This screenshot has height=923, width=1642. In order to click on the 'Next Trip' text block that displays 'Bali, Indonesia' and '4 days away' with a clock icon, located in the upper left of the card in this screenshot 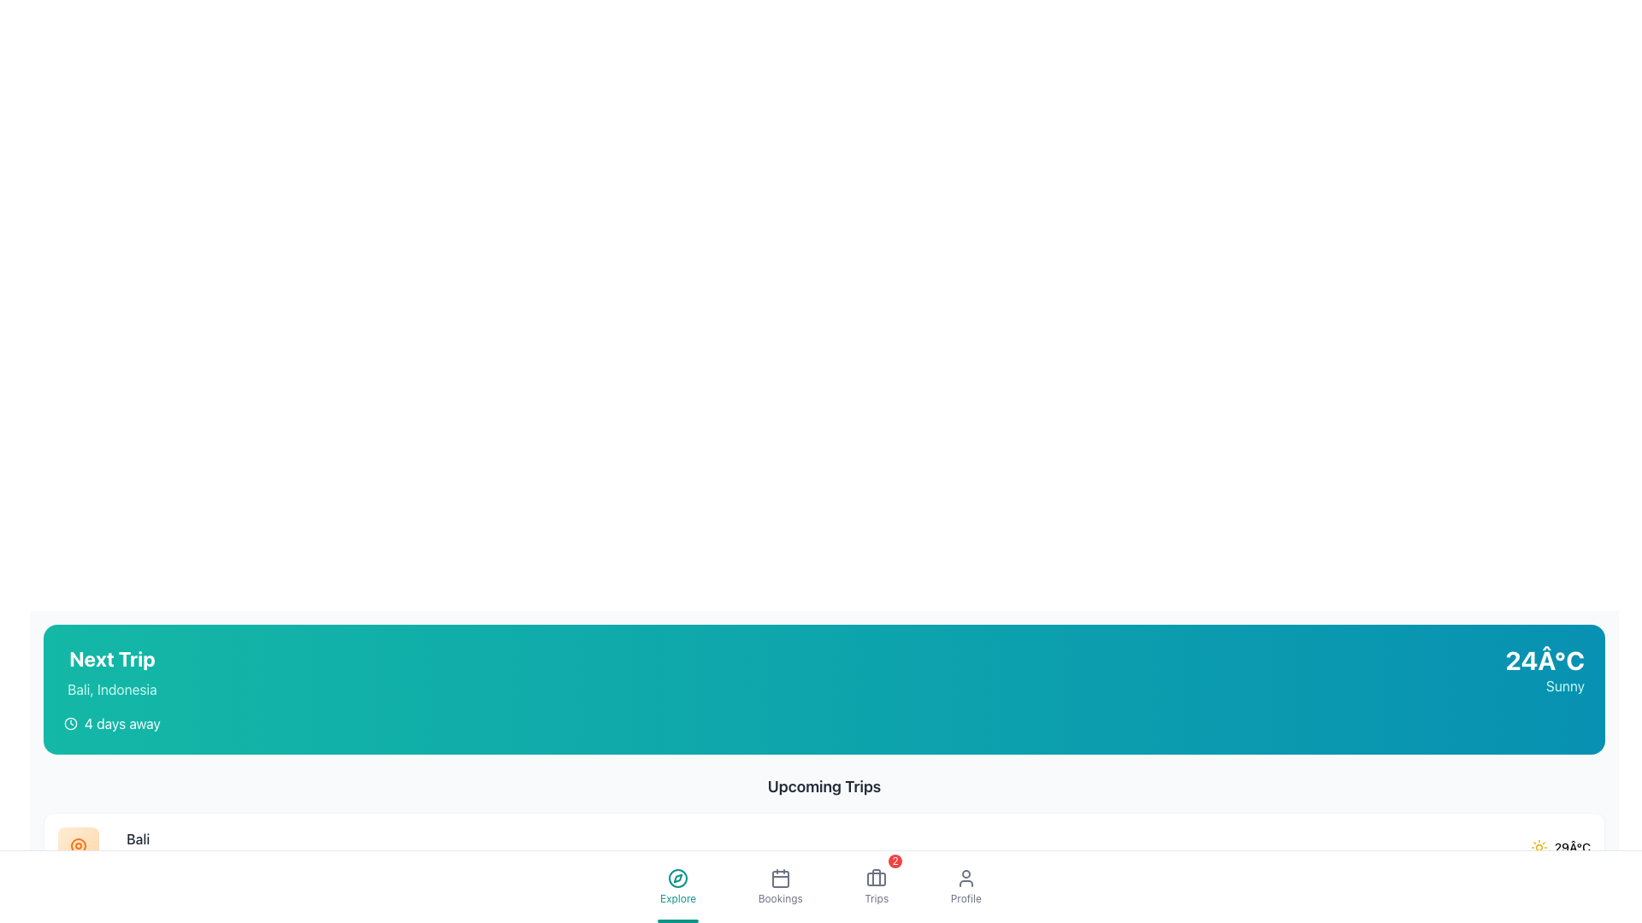, I will do `click(111, 688)`.